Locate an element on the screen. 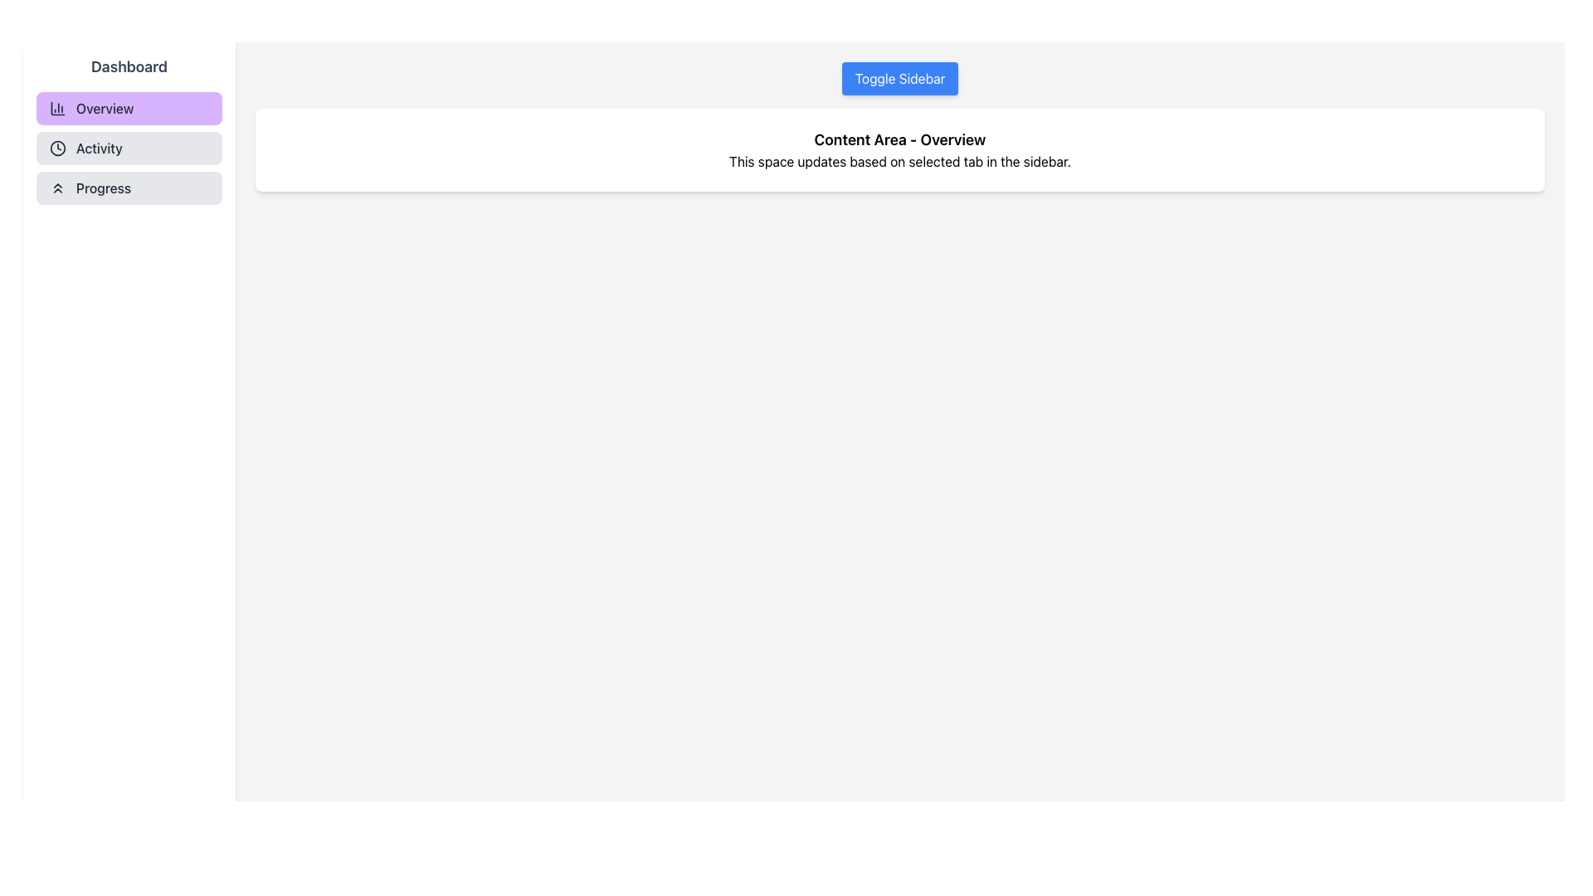 This screenshot has height=896, width=1593. the instructional Descriptive Text that updates based on sidebar tab selections, located beneath the title 'Content Area - Overview' is located at coordinates (899, 162).